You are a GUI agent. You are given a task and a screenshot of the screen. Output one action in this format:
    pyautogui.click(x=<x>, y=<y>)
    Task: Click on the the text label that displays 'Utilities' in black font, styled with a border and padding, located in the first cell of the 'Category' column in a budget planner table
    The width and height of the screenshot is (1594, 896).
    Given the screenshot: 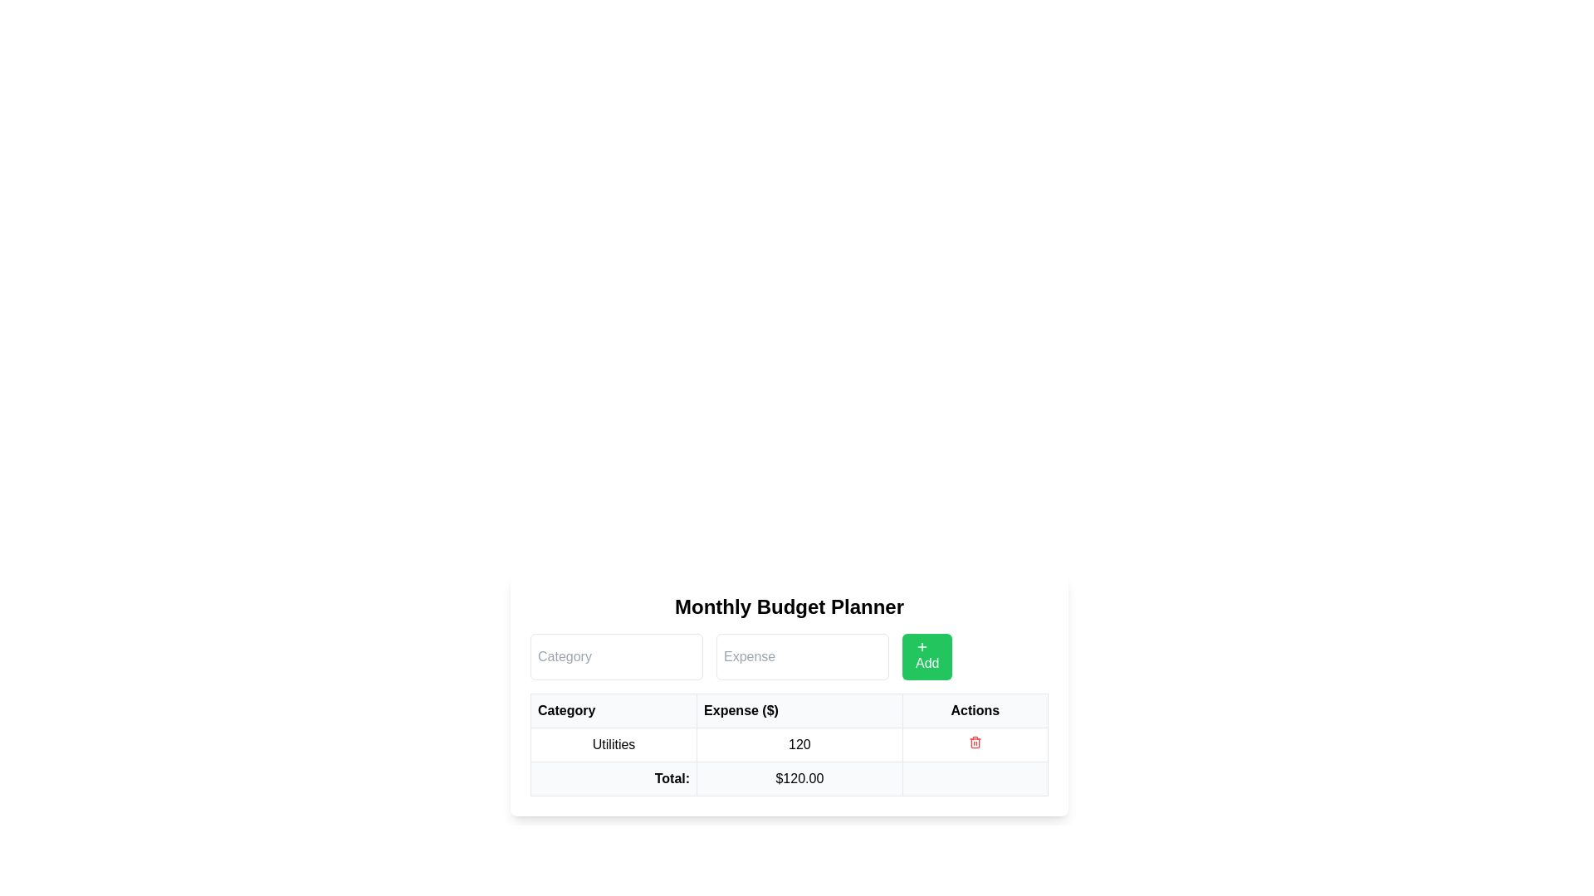 What is the action you would take?
    pyautogui.click(x=613, y=744)
    